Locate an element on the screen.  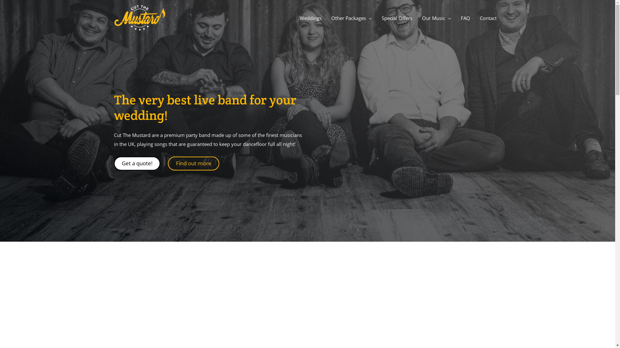
'Other Packages' is located at coordinates (326, 17).